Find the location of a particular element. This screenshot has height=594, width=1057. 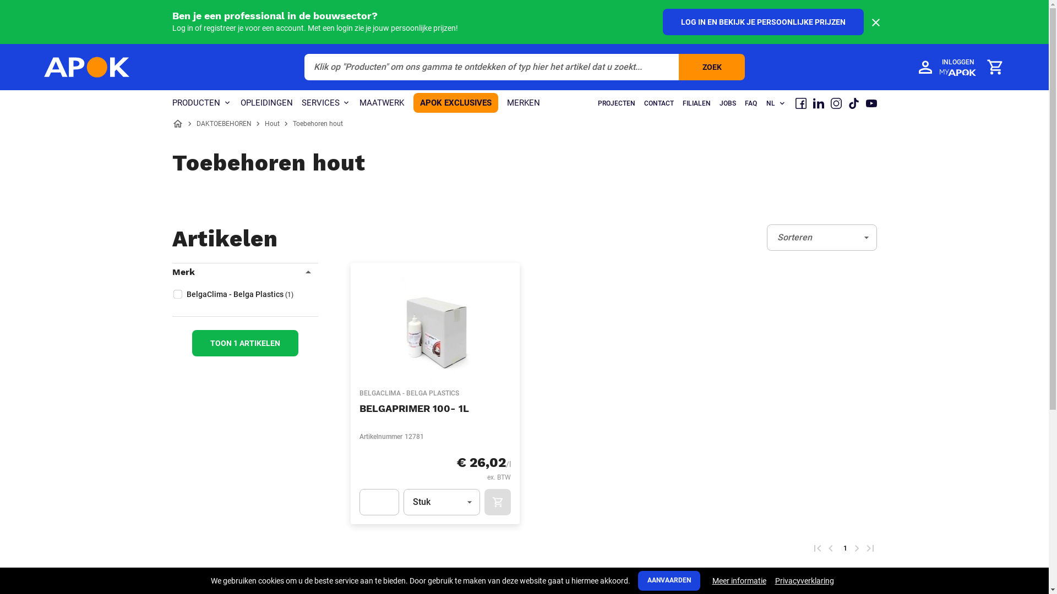

'APOK EXCLUSIVES' is located at coordinates (455, 102).